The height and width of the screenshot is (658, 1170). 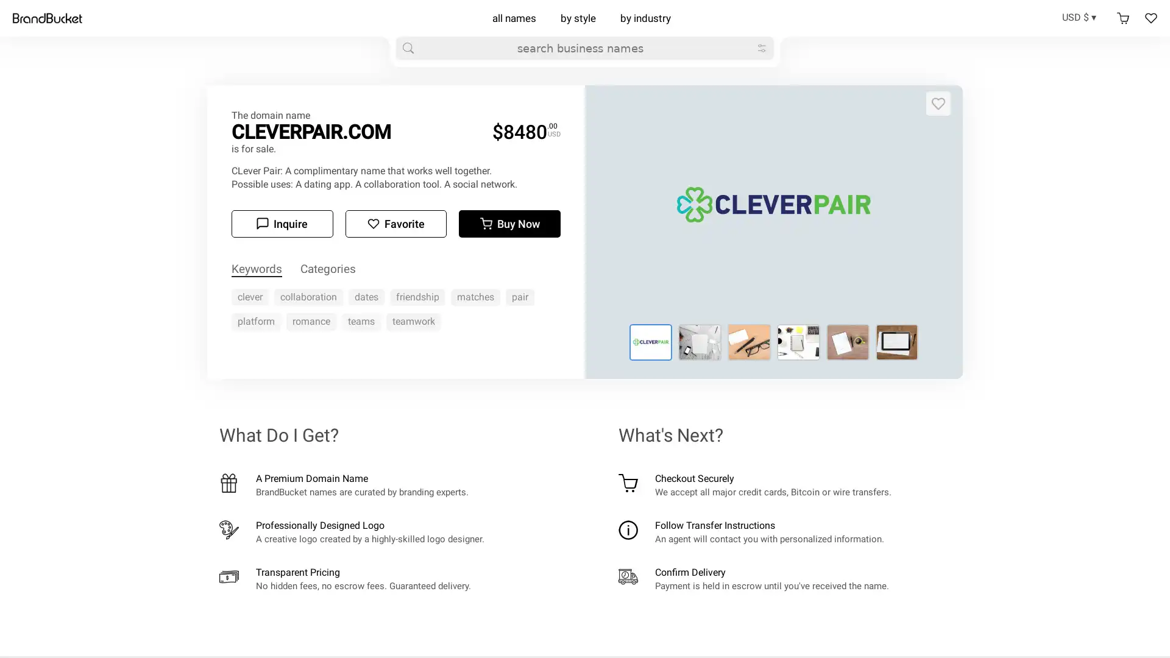 What do you see at coordinates (328, 268) in the screenshot?
I see `Categories` at bounding box center [328, 268].